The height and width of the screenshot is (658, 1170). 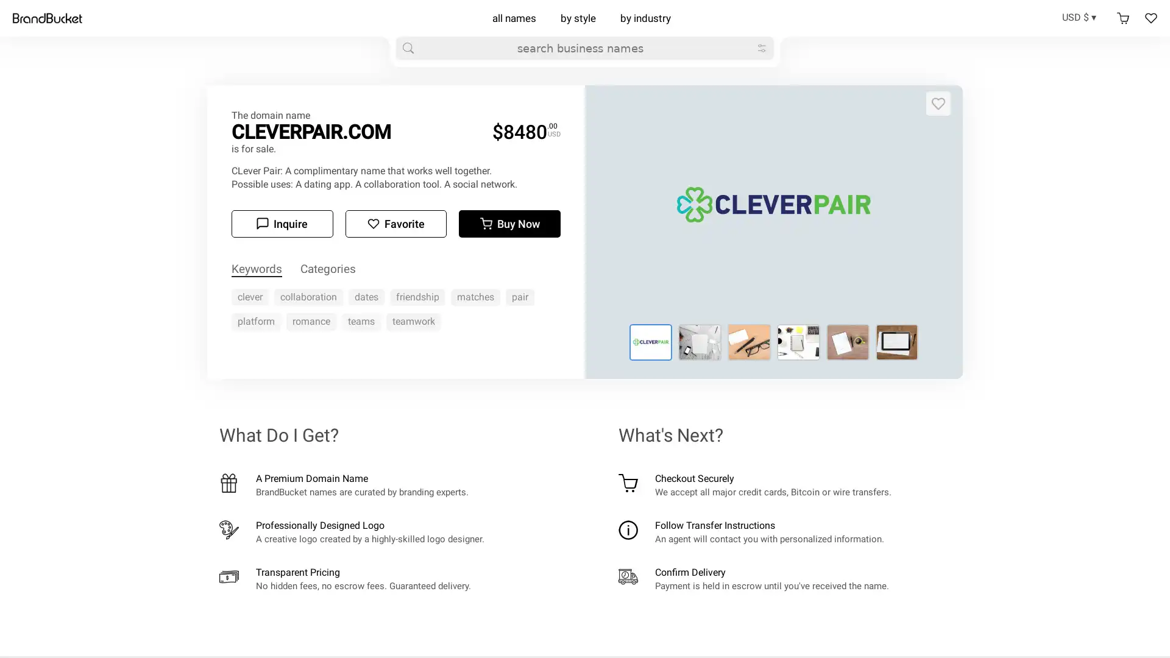 What do you see at coordinates (328, 268) in the screenshot?
I see `Categories` at bounding box center [328, 268].